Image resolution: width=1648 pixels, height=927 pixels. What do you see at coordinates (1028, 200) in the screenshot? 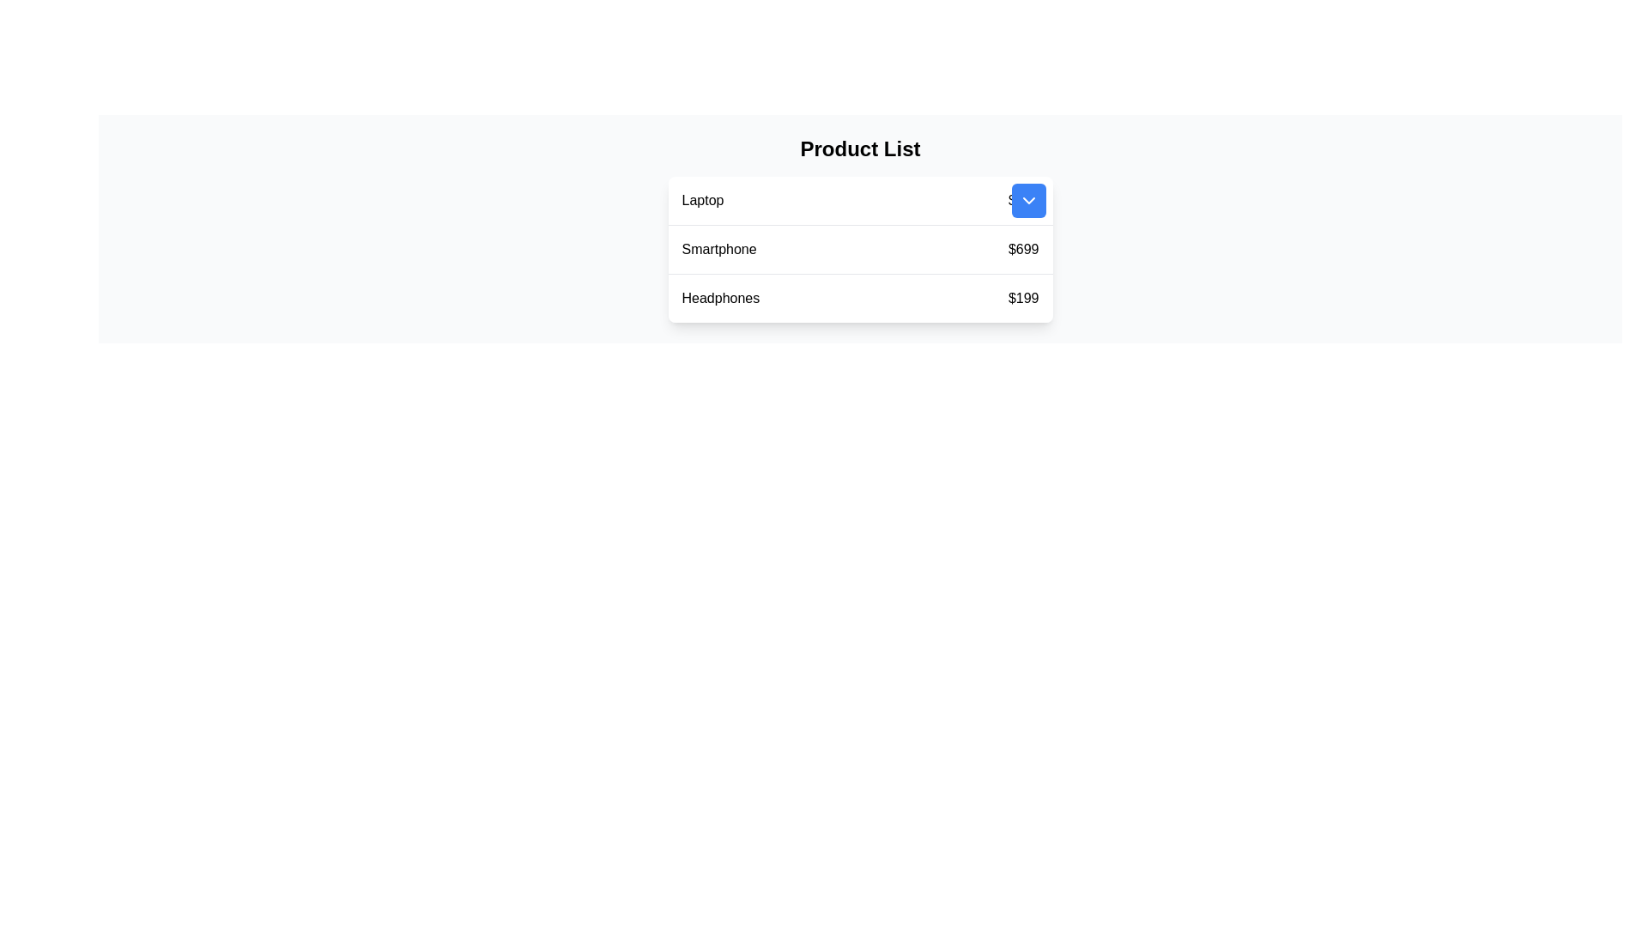
I see `the chevron down icon, which is styled with white lines on a blue circular background, located in the top-right corner of a button under the 'Product List' heading` at bounding box center [1028, 200].